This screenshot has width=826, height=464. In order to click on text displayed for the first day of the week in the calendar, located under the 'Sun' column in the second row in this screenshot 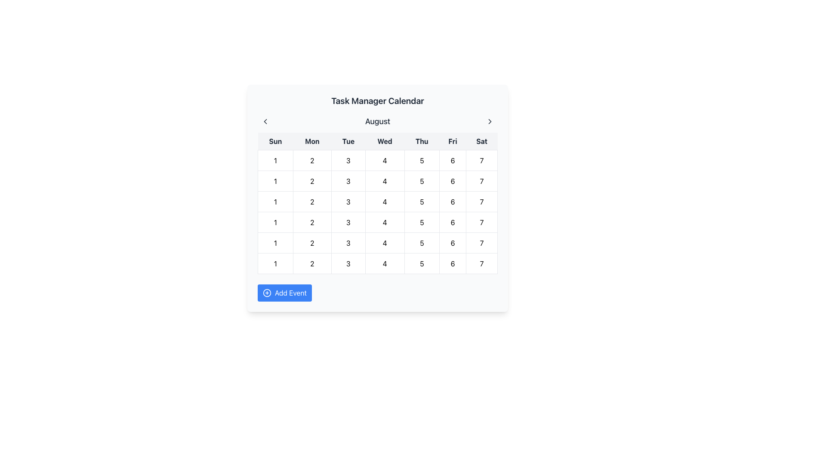, I will do `click(275, 201)`.